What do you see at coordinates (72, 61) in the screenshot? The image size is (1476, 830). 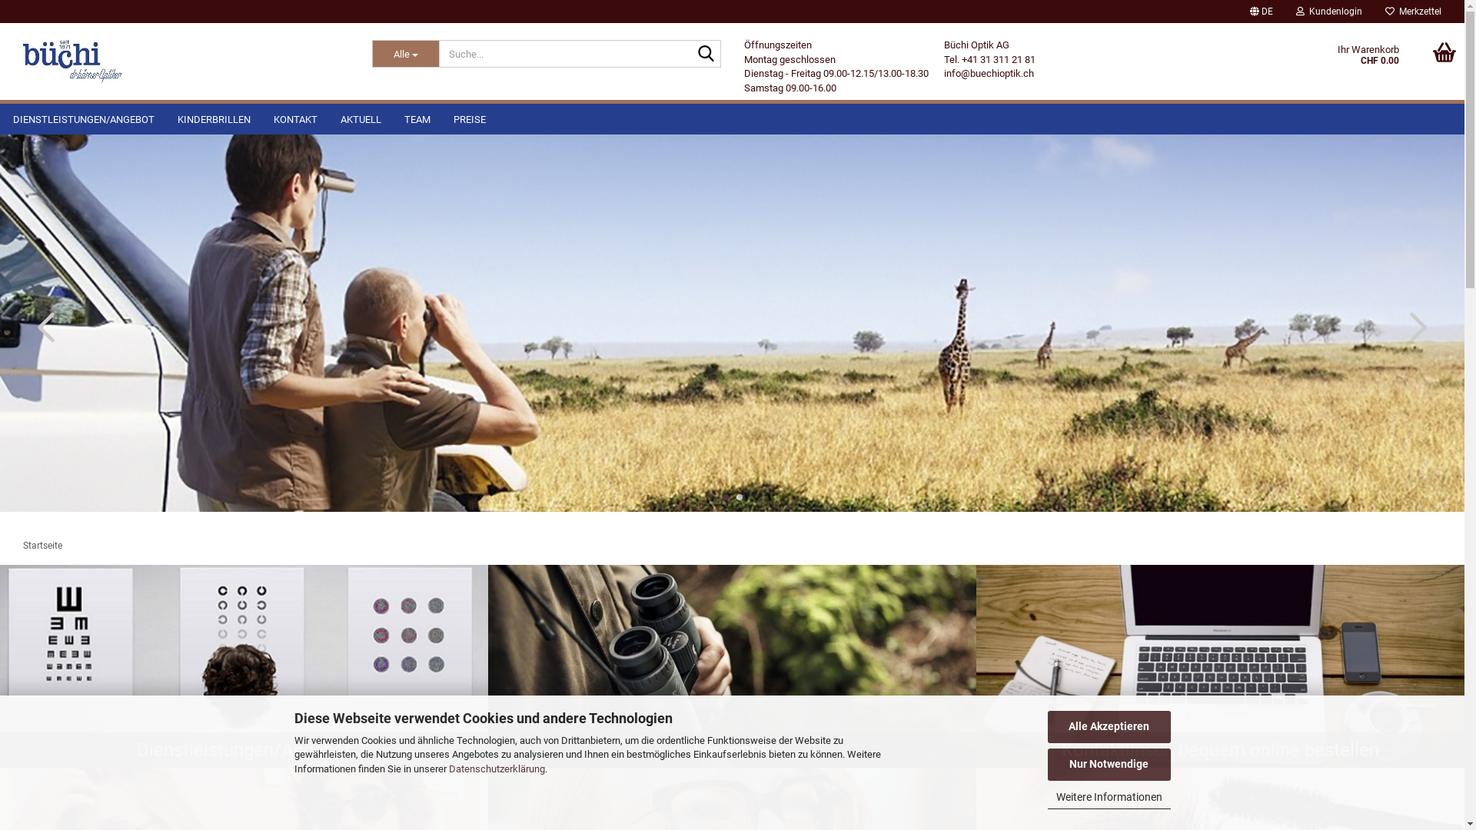 I see `'buechioptik.ch'` at bounding box center [72, 61].